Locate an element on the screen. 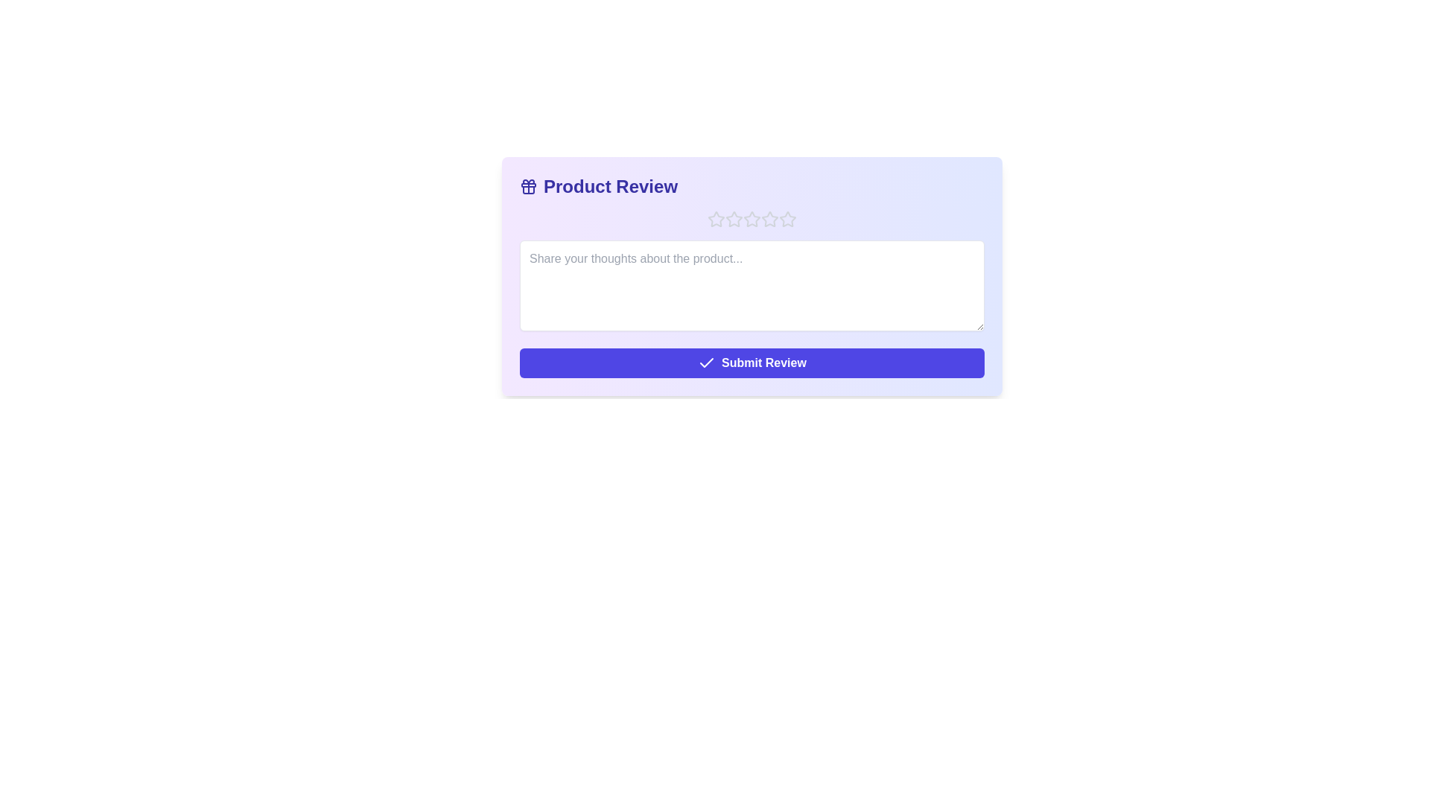 Image resolution: width=1430 pixels, height=804 pixels. the product rating to 3 stars by clicking the corresponding star is located at coordinates (751, 219).